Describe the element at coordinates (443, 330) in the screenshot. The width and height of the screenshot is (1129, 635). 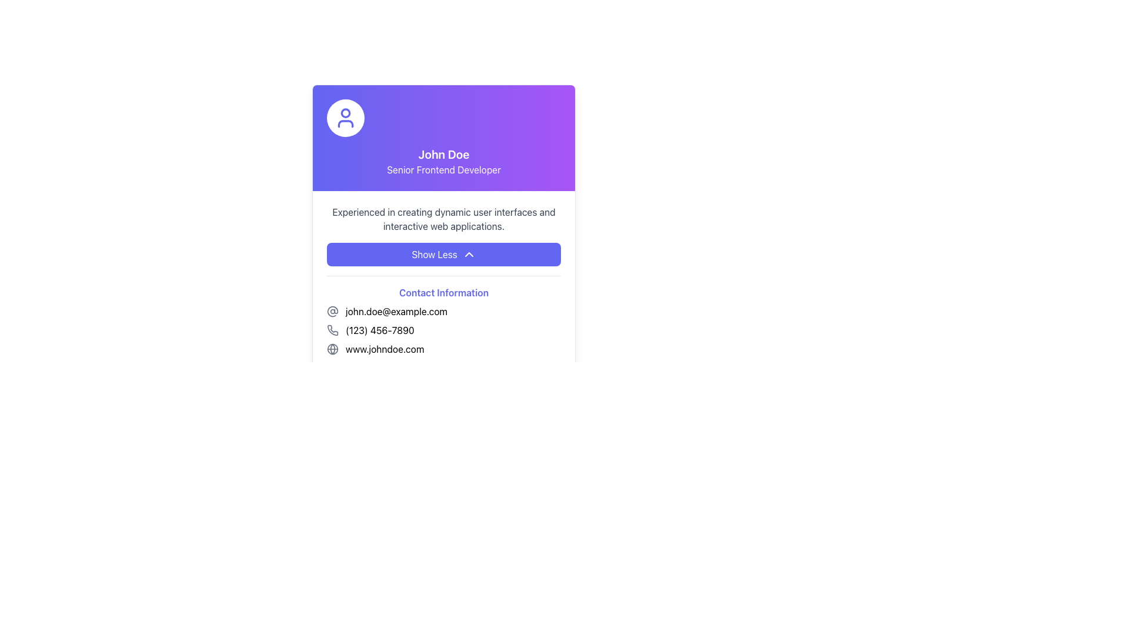
I see `the contact information list that displays 'john.doe@example.com', '(123) 456-7890', and 'www.johndoe.com' with icons on the left side` at that location.